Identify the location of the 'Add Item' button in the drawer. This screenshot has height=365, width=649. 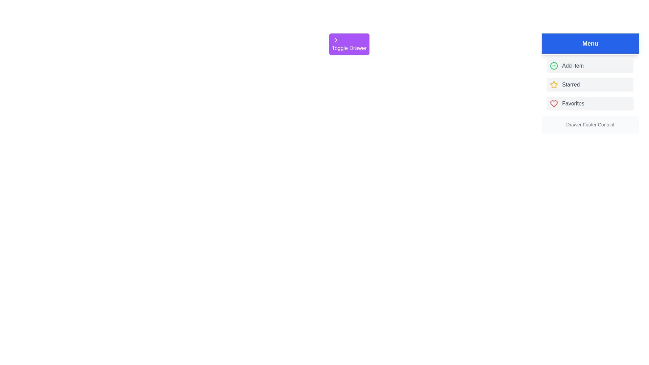
(590, 66).